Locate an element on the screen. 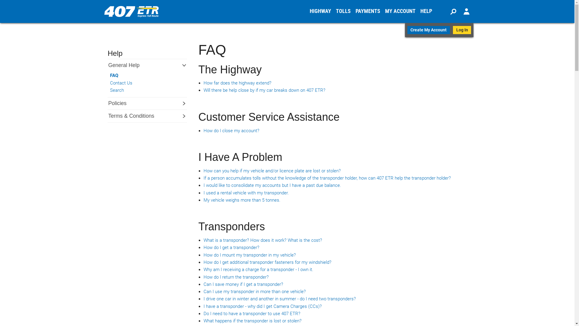 The image size is (579, 326). 'Contact Us' is located at coordinates (144, 83).